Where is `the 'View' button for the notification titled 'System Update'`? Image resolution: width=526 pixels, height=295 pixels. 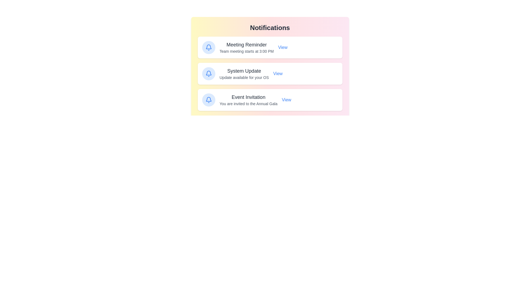
the 'View' button for the notification titled 'System Update' is located at coordinates (278, 74).